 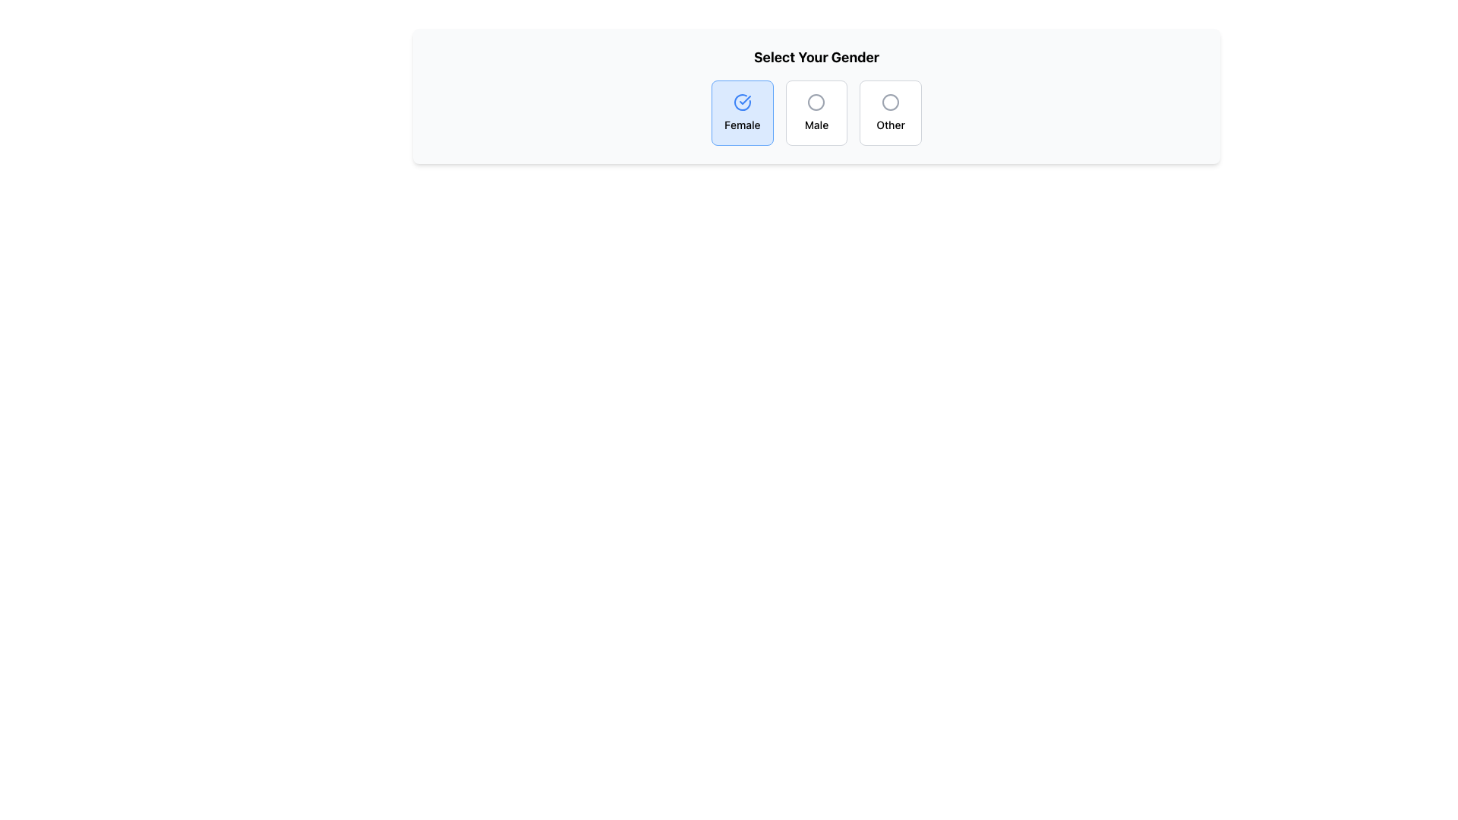 I want to click on the 'Female' gender label, which is located beneath a circular checkmark icon in a horizontal list of selection options, so click(x=742, y=125).